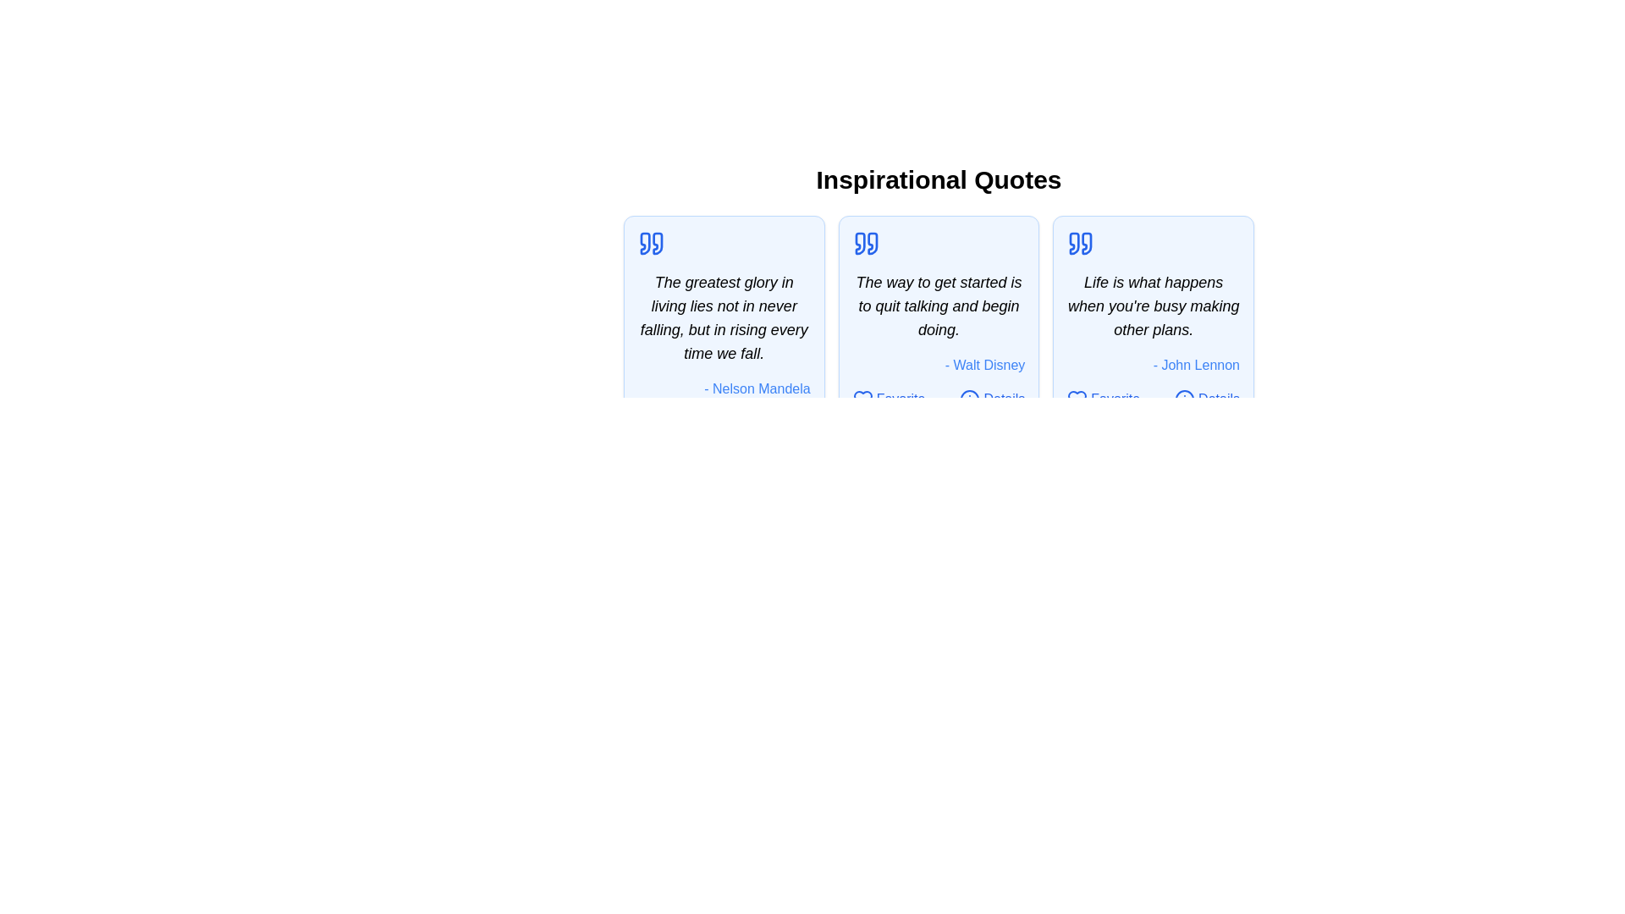  Describe the element at coordinates (970, 399) in the screenshot. I see `the circular shape with a border within the information icon located in the second card of three on the page` at that location.